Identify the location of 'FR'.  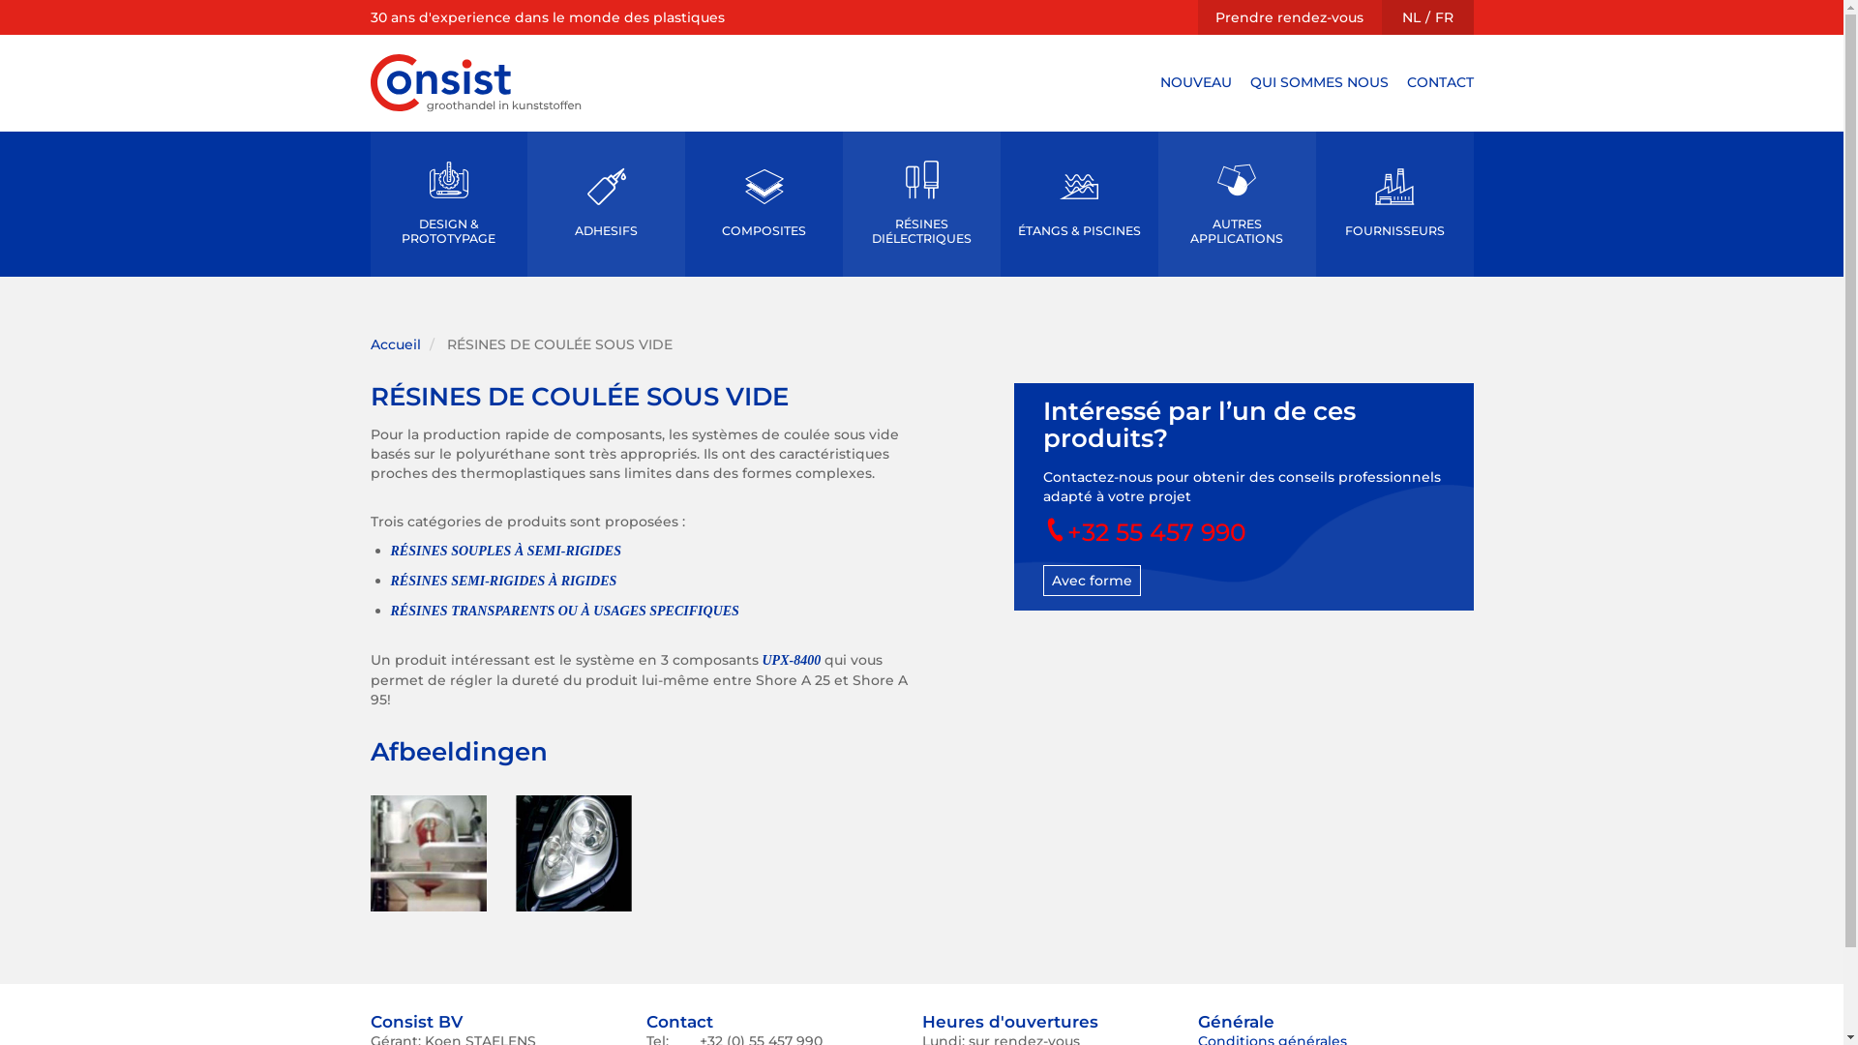
(1434, 17).